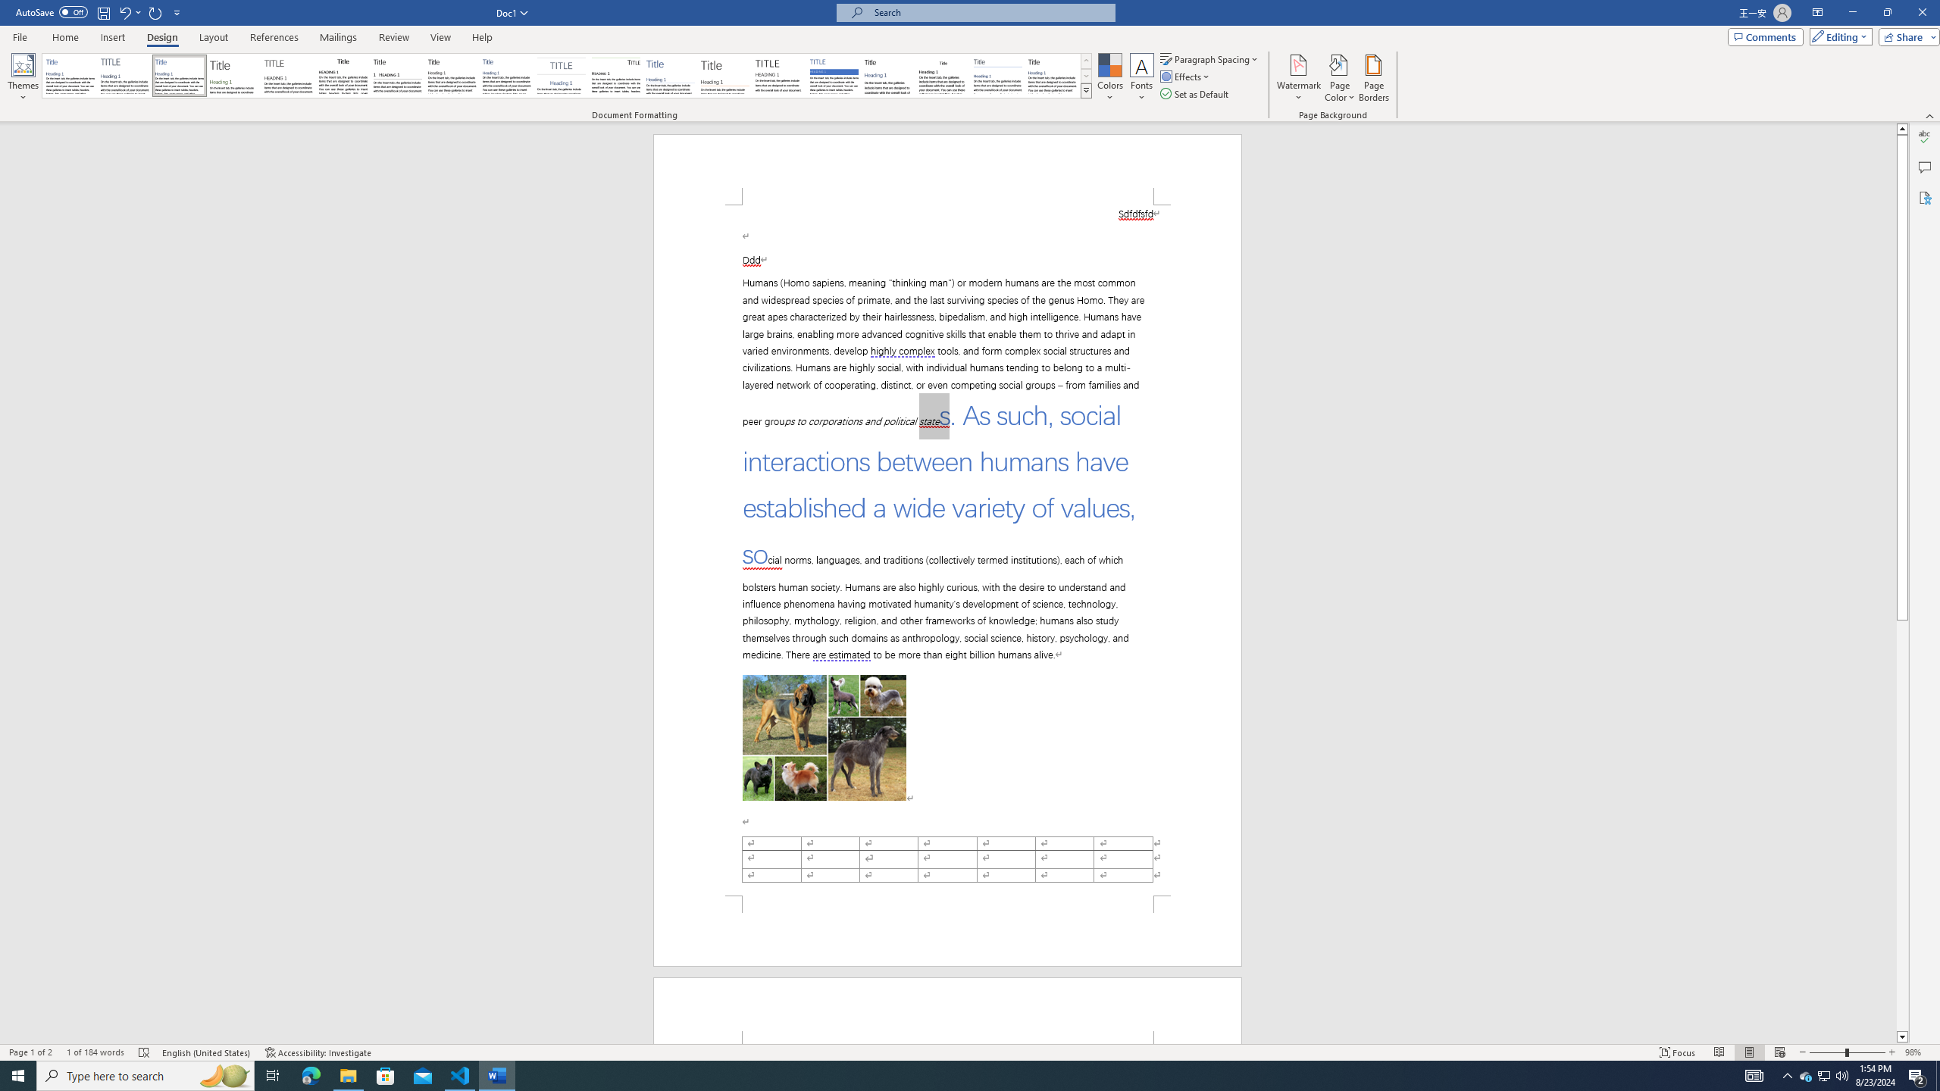 Image resolution: width=1940 pixels, height=1091 pixels. I want to click on 'Black & White (Numbered)', so click(396, 75).